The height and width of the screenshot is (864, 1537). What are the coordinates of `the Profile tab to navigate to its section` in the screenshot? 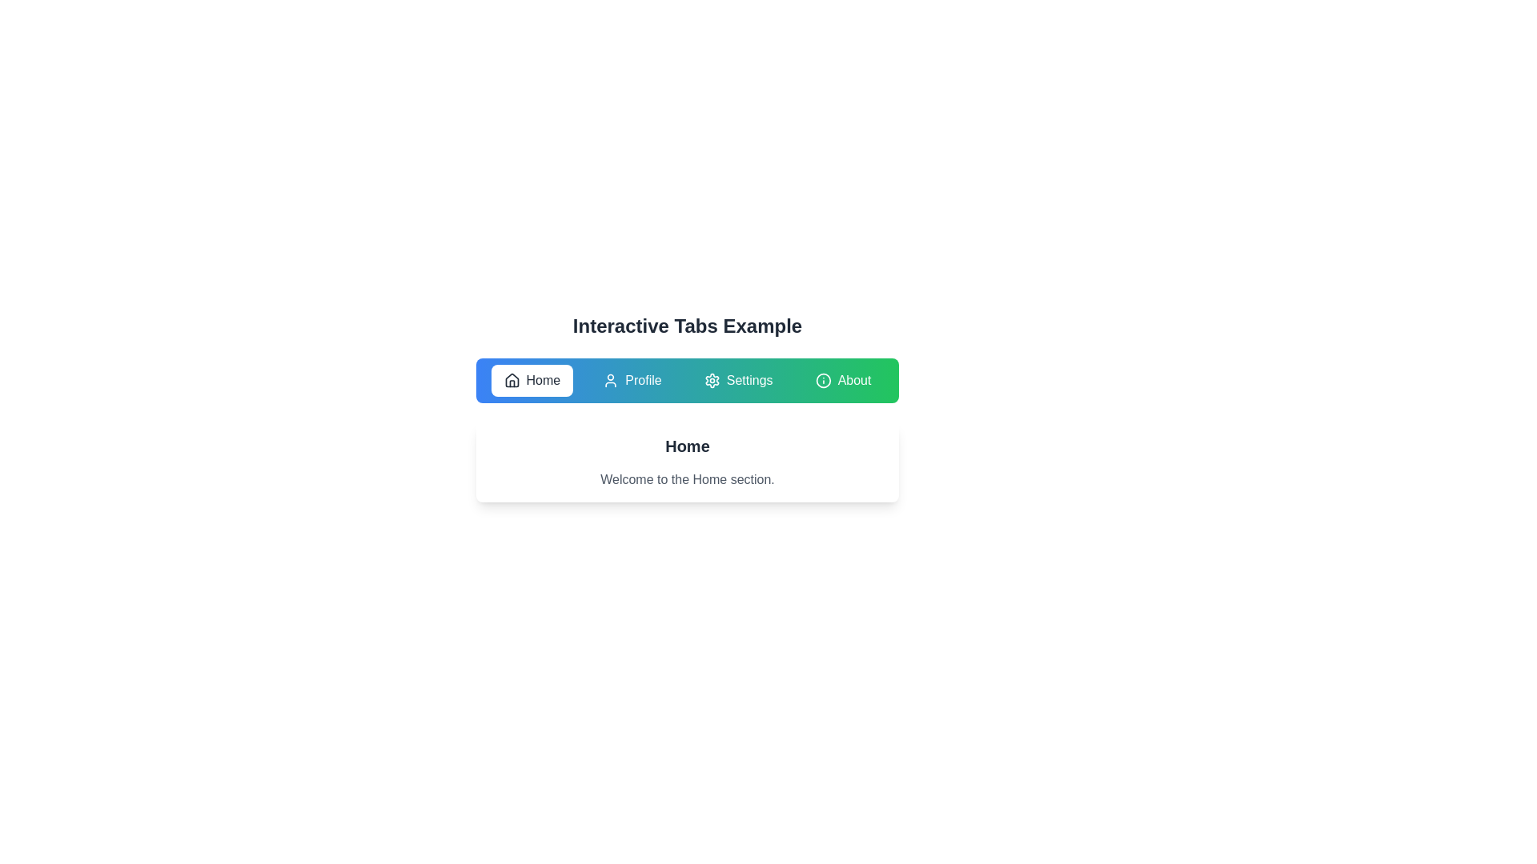 It's located at (631, 380).